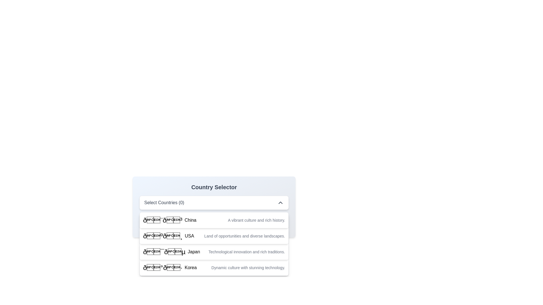 Image resolution: width=543 pixels, height=305 pixels. I want to click on the text label displaying the country name 'Japan' paired with its emoji flag, which is the third item in the vertically stacked list of country entries, so click(171, 251).